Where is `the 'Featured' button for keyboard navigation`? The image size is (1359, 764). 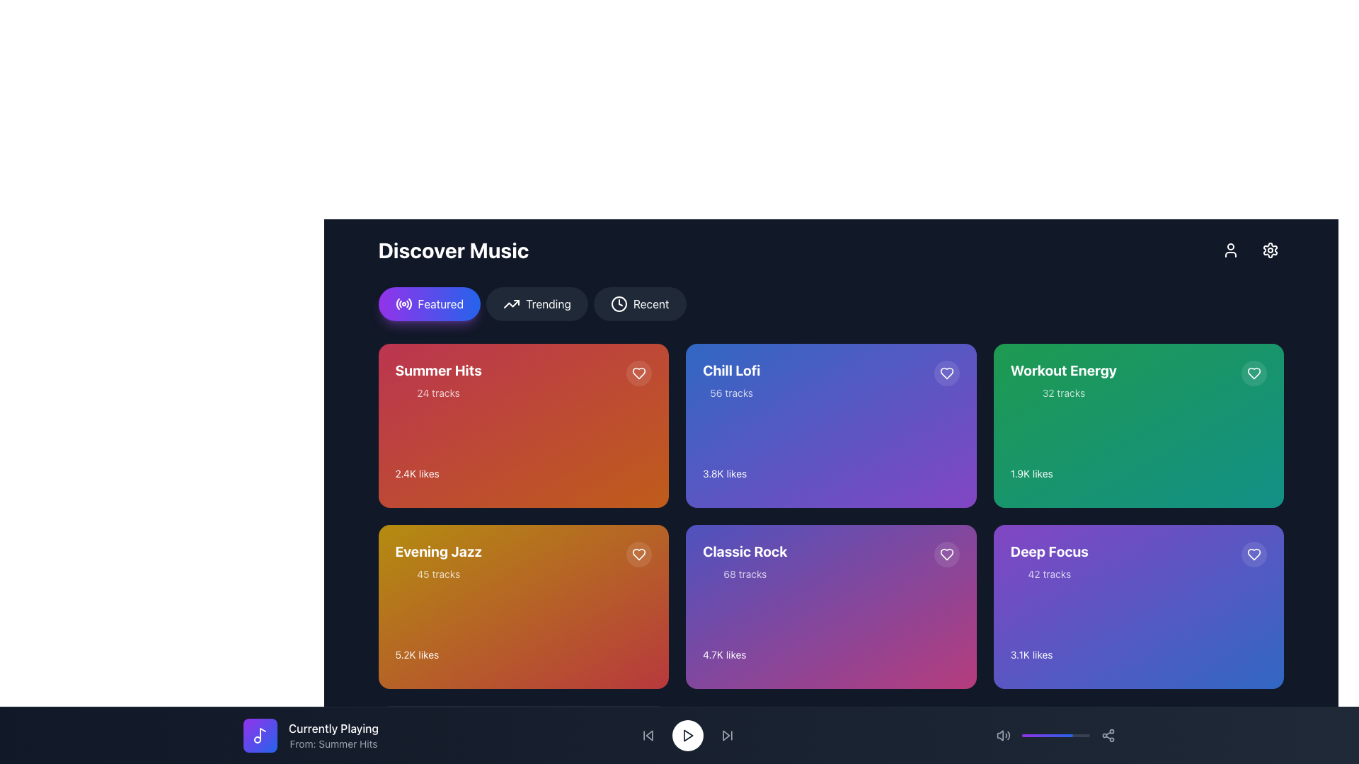
the 'Featured' button for keyboard navigation is located at coordinates (428, 303).